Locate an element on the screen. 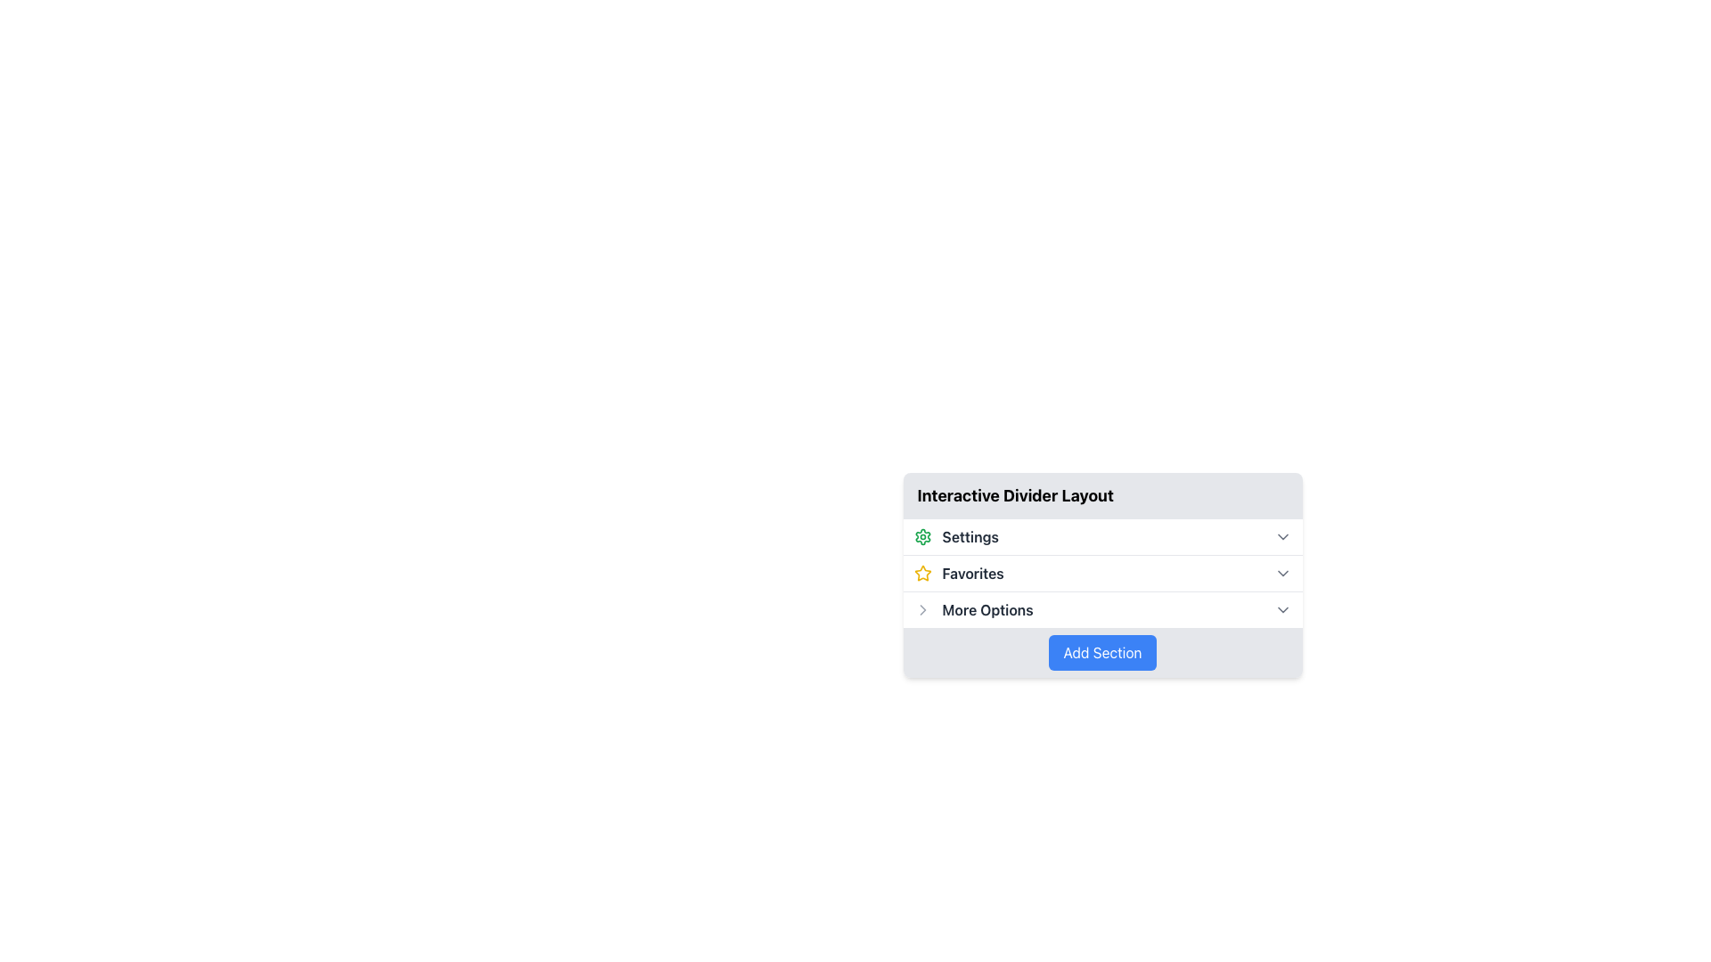 This screenshot has height=962, width=1711. the Text Label in the third row of the menu within the 'Interactive Divider Layout', positioned below the 'Favorites' row and above the 'Add Section' blue button is located at coordinates (986, 609).